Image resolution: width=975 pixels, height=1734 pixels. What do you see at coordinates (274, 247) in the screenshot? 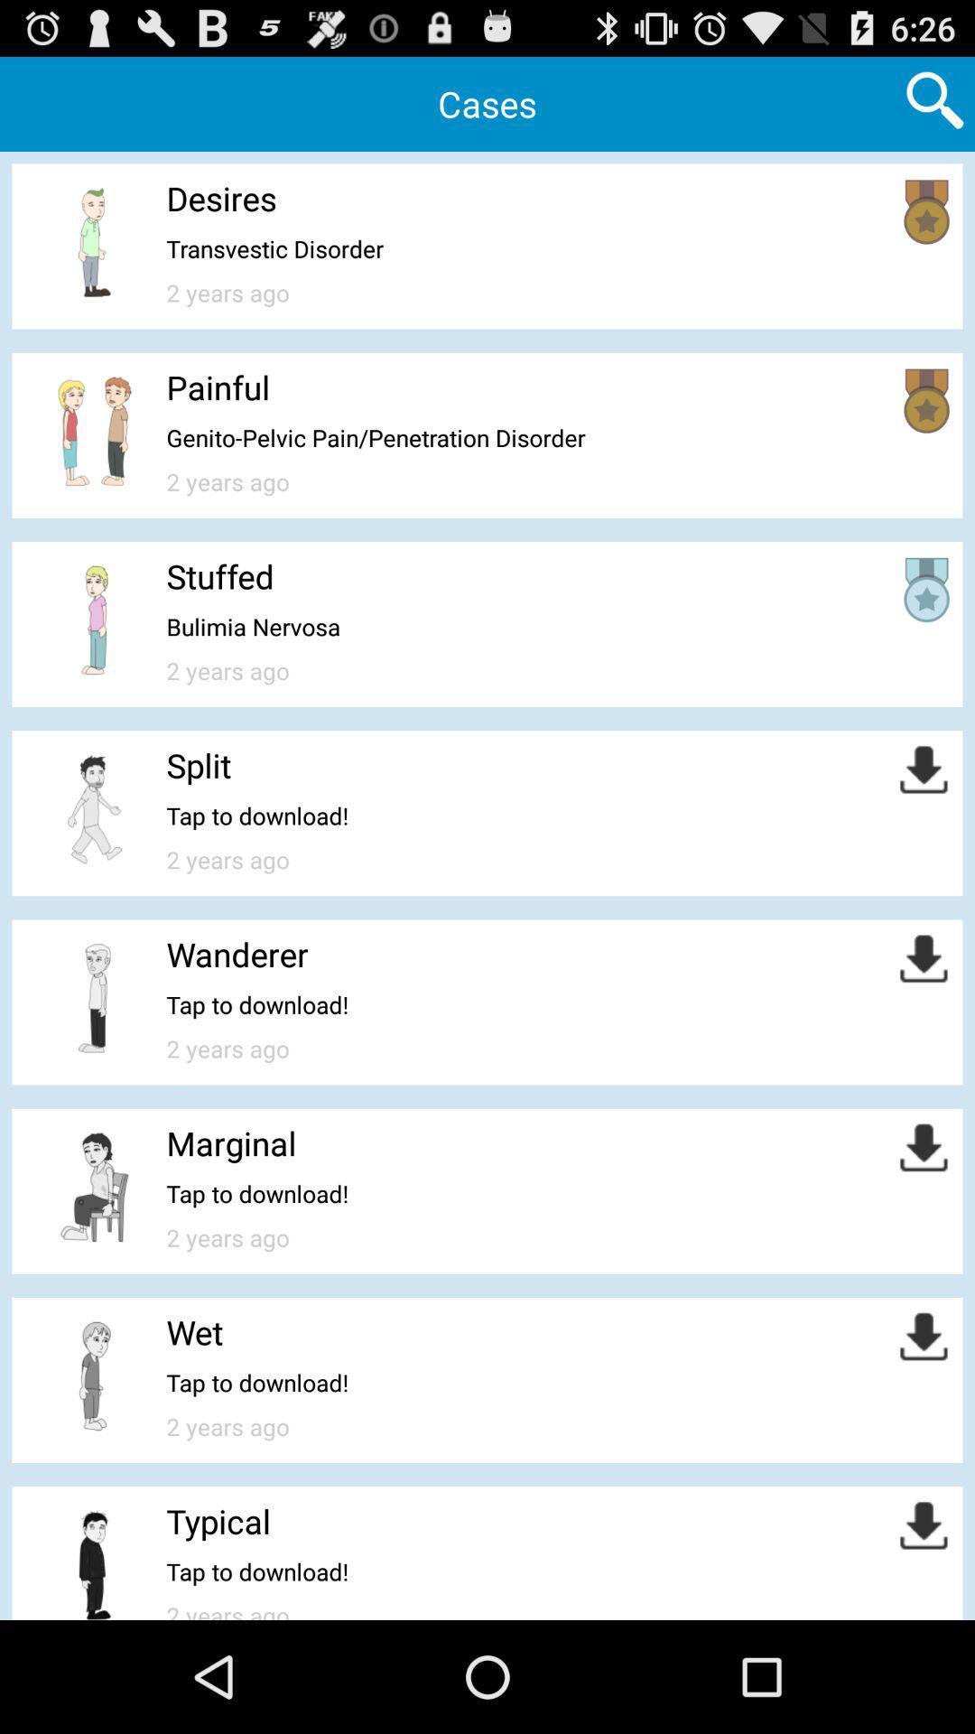
I see `icon above 2 years ago icon` at bounding box center [274, 247].